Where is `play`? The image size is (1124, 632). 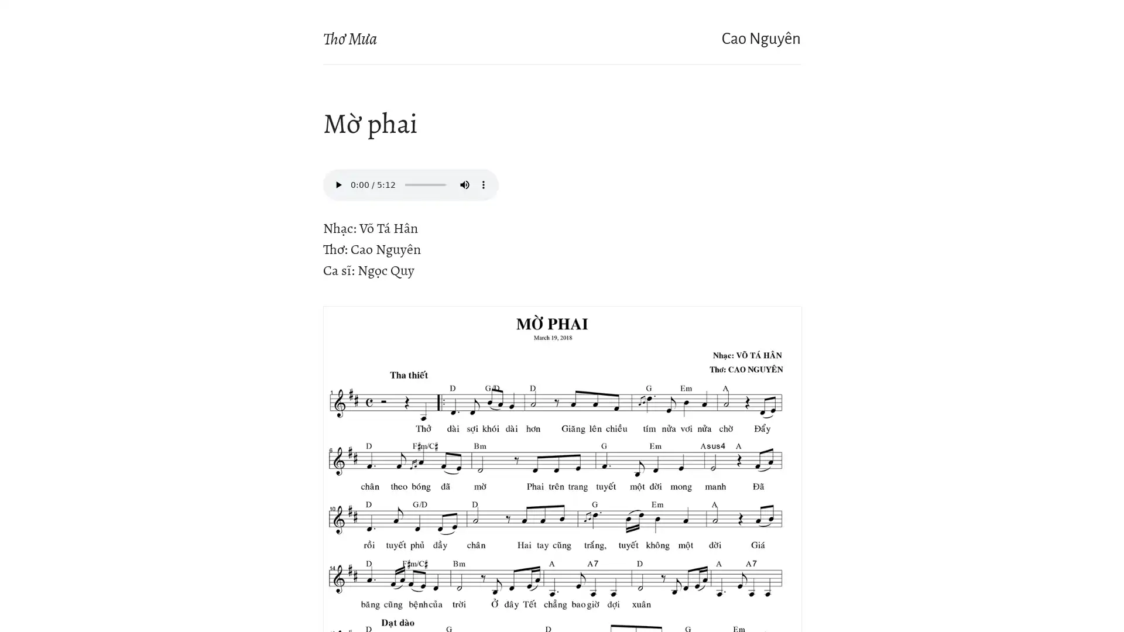
play is located at coordinates (337, 184).